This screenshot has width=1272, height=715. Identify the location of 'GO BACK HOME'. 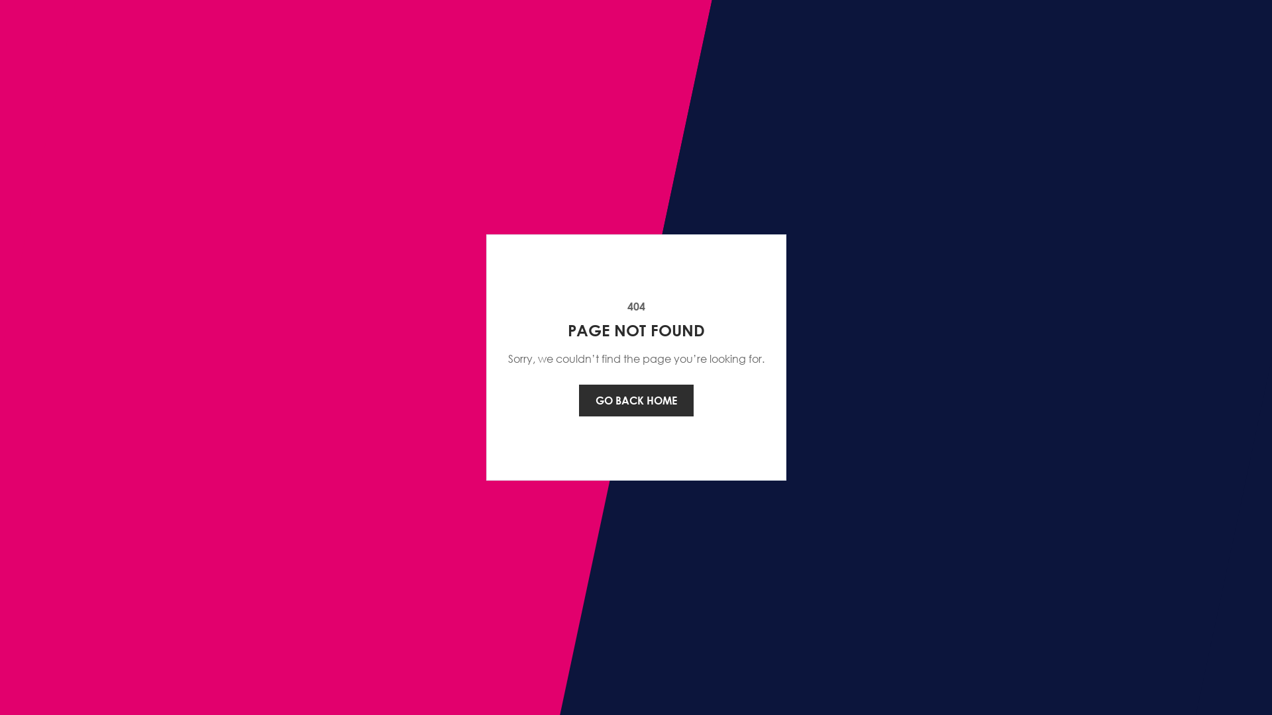
(578, 400).